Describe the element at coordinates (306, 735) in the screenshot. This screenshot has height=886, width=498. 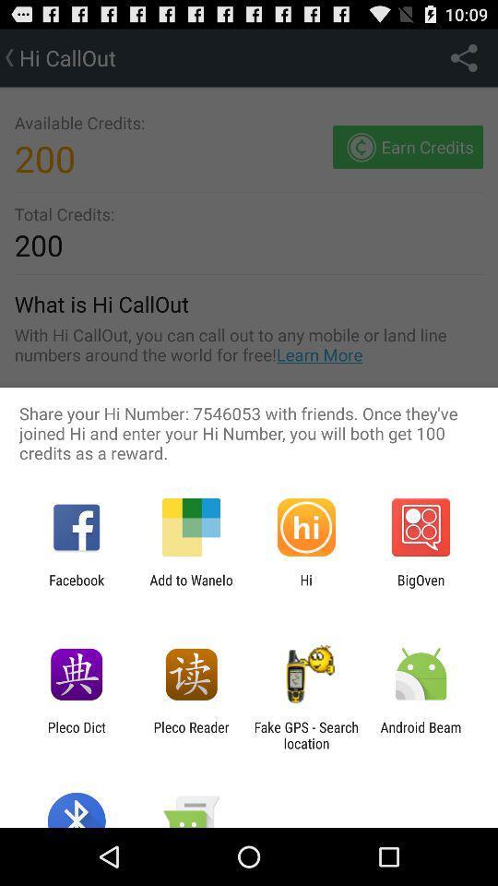
I see `the fake gps search` at that location.